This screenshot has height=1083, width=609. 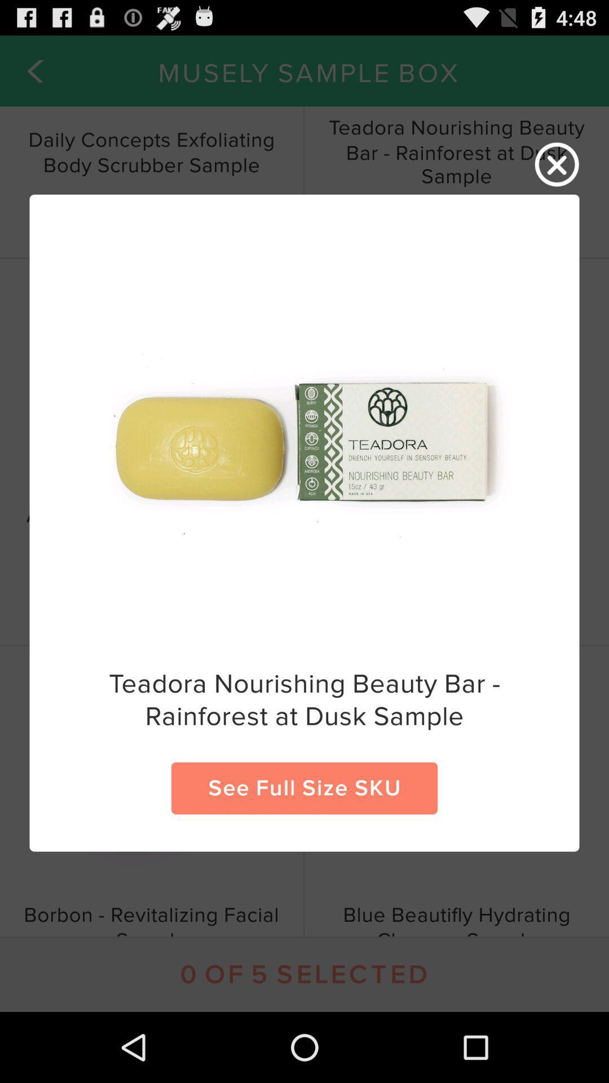 I want to click on see full size icon, so click(x=304, y=787).